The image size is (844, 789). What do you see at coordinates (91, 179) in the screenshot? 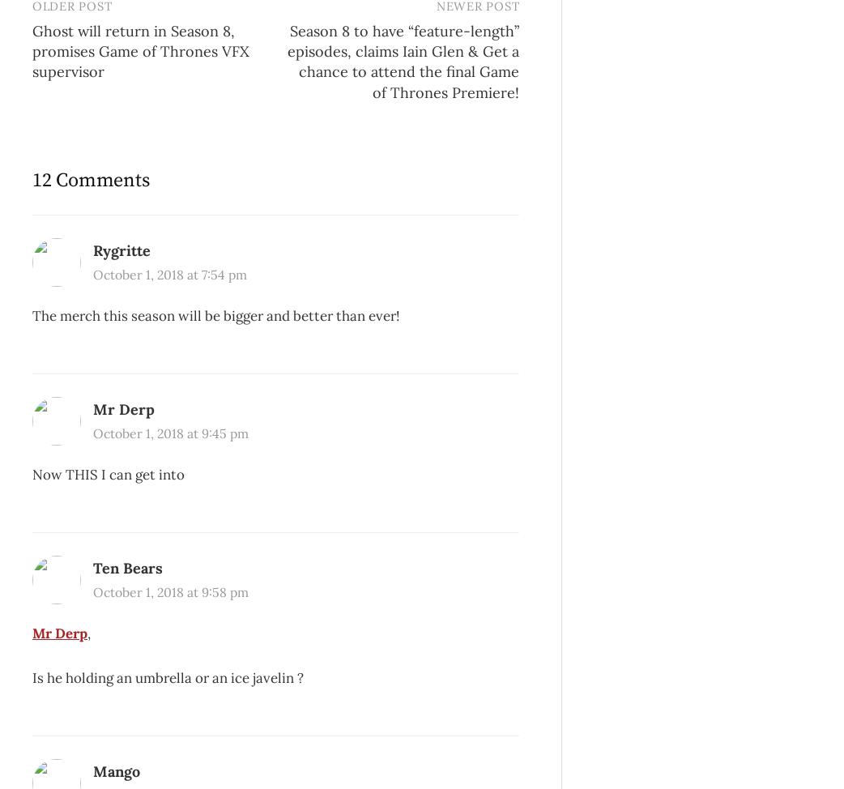
I see `'12 Comments'` at bounding box center [91, 179].